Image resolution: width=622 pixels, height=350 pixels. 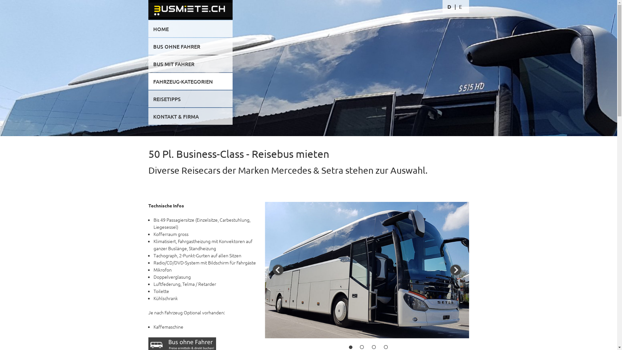 What do you see at coordinates (308, 84) in the screenshot?
I see `'Busflotte'` at bounding box center [308, 84].